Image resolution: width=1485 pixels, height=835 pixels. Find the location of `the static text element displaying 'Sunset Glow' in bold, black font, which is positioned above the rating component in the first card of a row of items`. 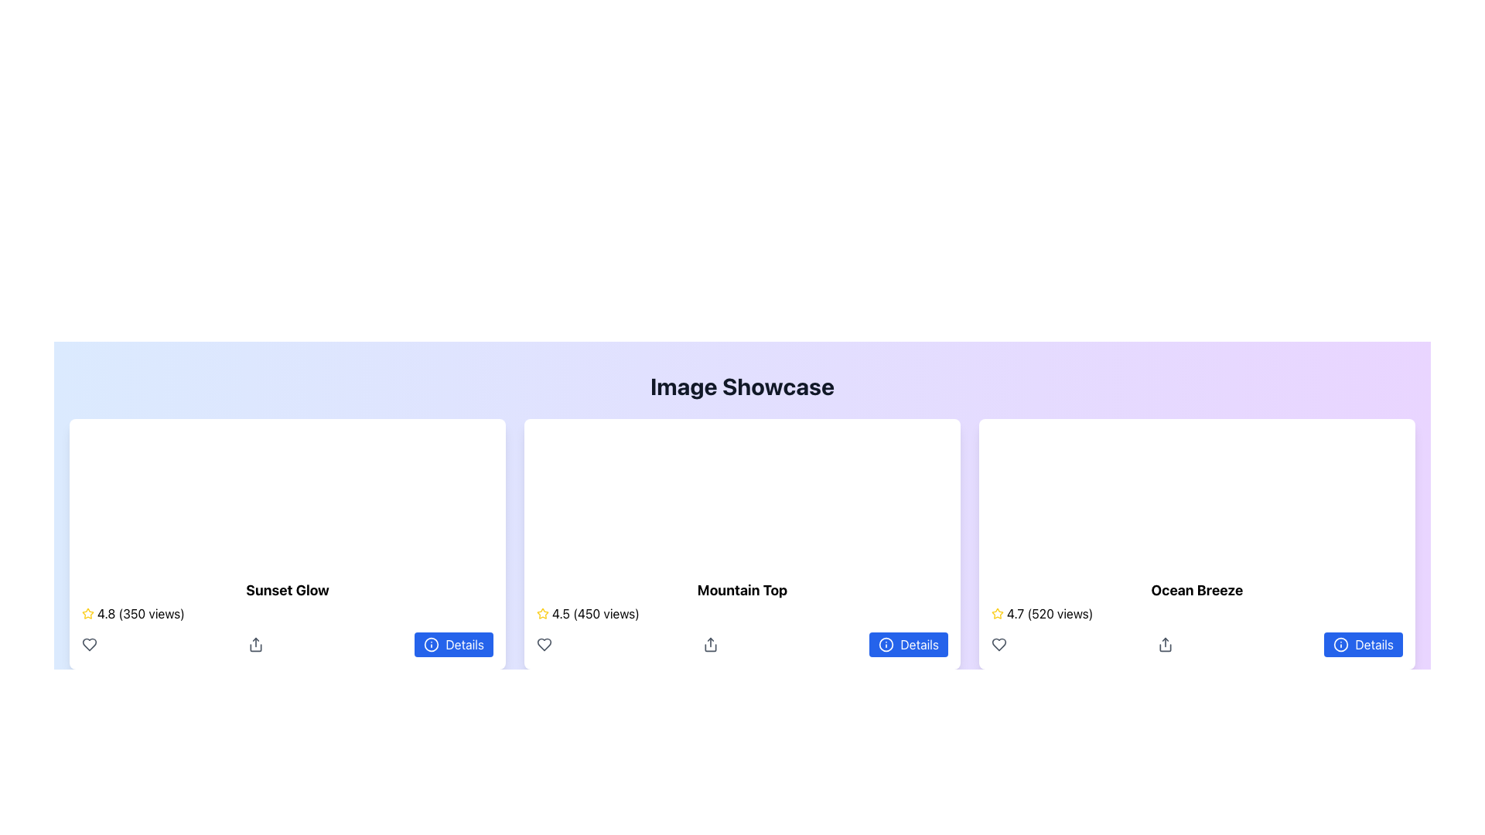

the static text element displaying 'Sunset Glow' in bold, black font, which is positioned above the rating component in the first card of a row of items is located at coordinates (288, 590).